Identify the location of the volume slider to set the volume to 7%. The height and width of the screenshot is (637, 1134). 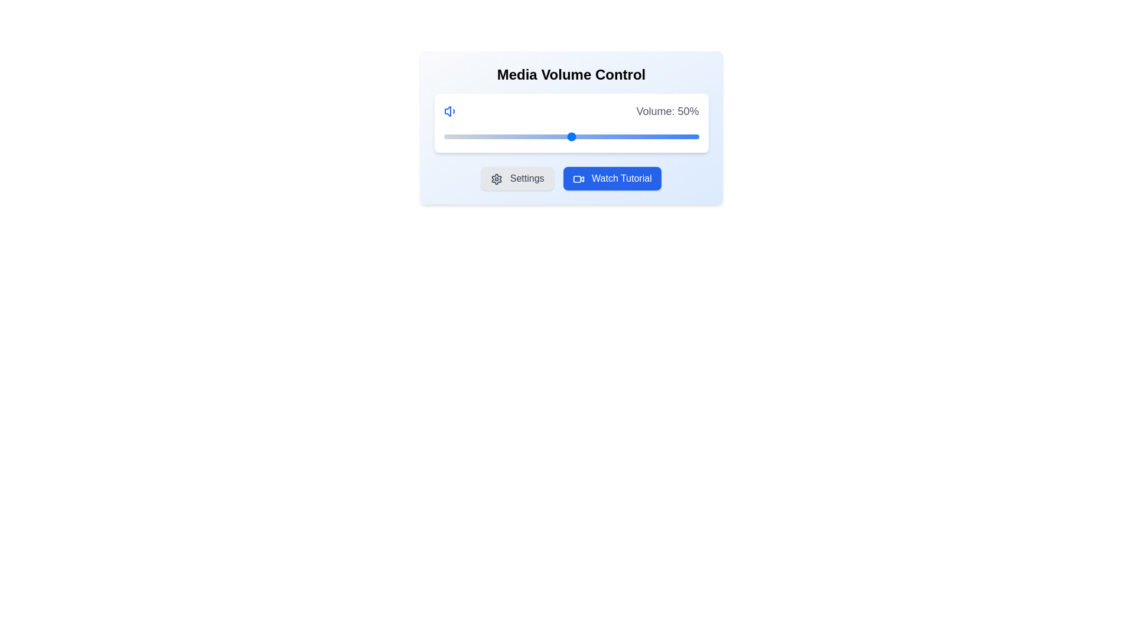
(461, 136).